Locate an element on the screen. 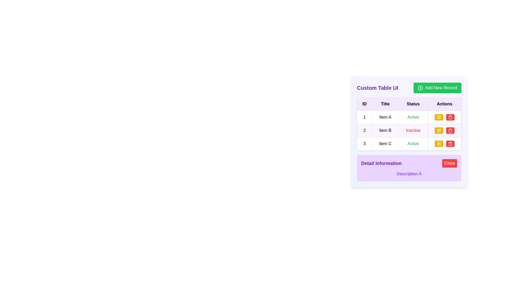 This screenshot has width=508, height=286. the 'Status' text label in the third row of the table that indicates the active status of the associated item is located at coordinates (413, 144).